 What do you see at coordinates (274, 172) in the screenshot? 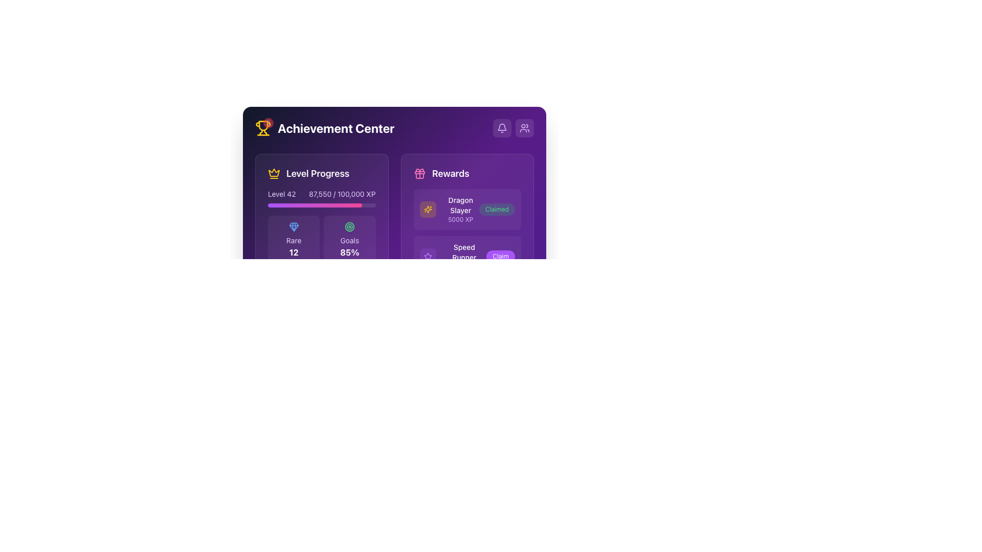
I see `the crown-shaped icon with a yellow outline located at the top-left corner of the 'Level Progress' section` at bounding box center [274, 172].